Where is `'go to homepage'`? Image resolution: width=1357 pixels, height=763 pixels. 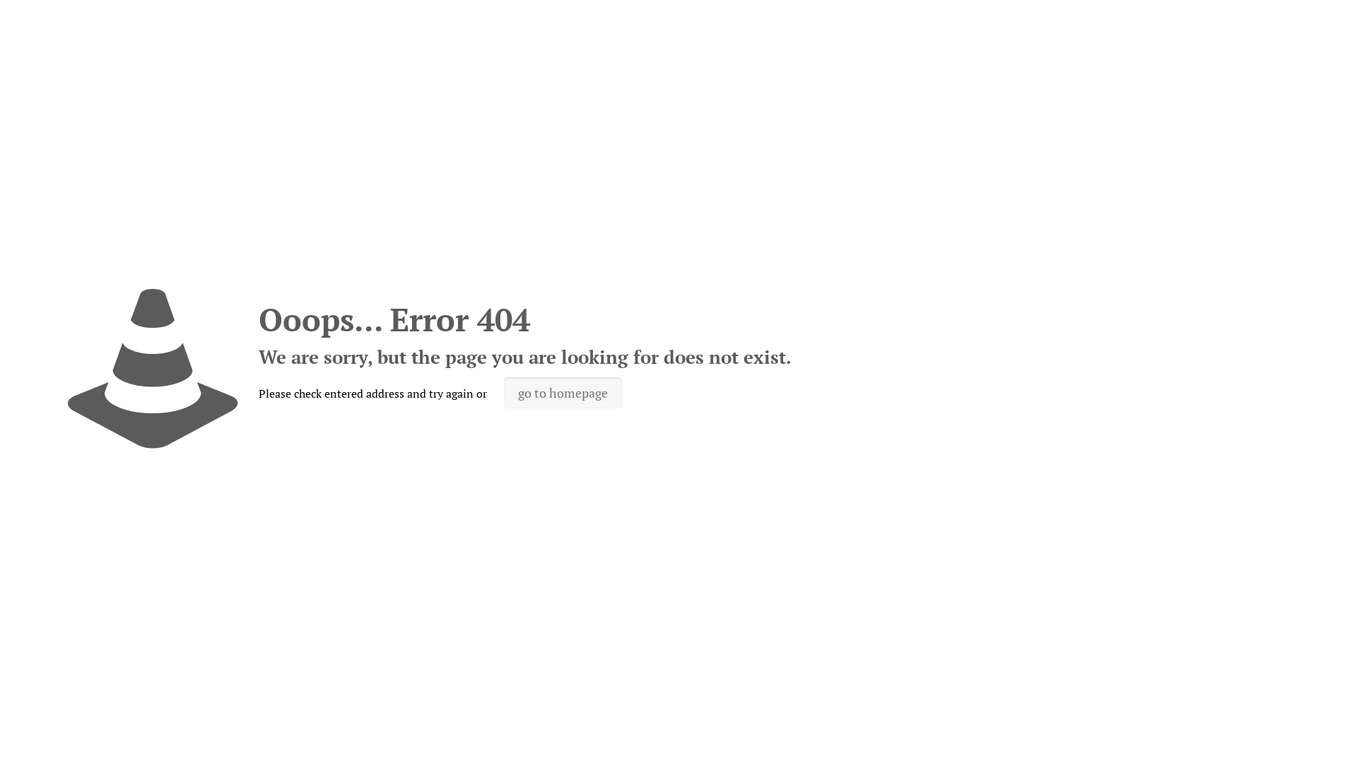
'go to homepage' is located at coordinates (504, 392).